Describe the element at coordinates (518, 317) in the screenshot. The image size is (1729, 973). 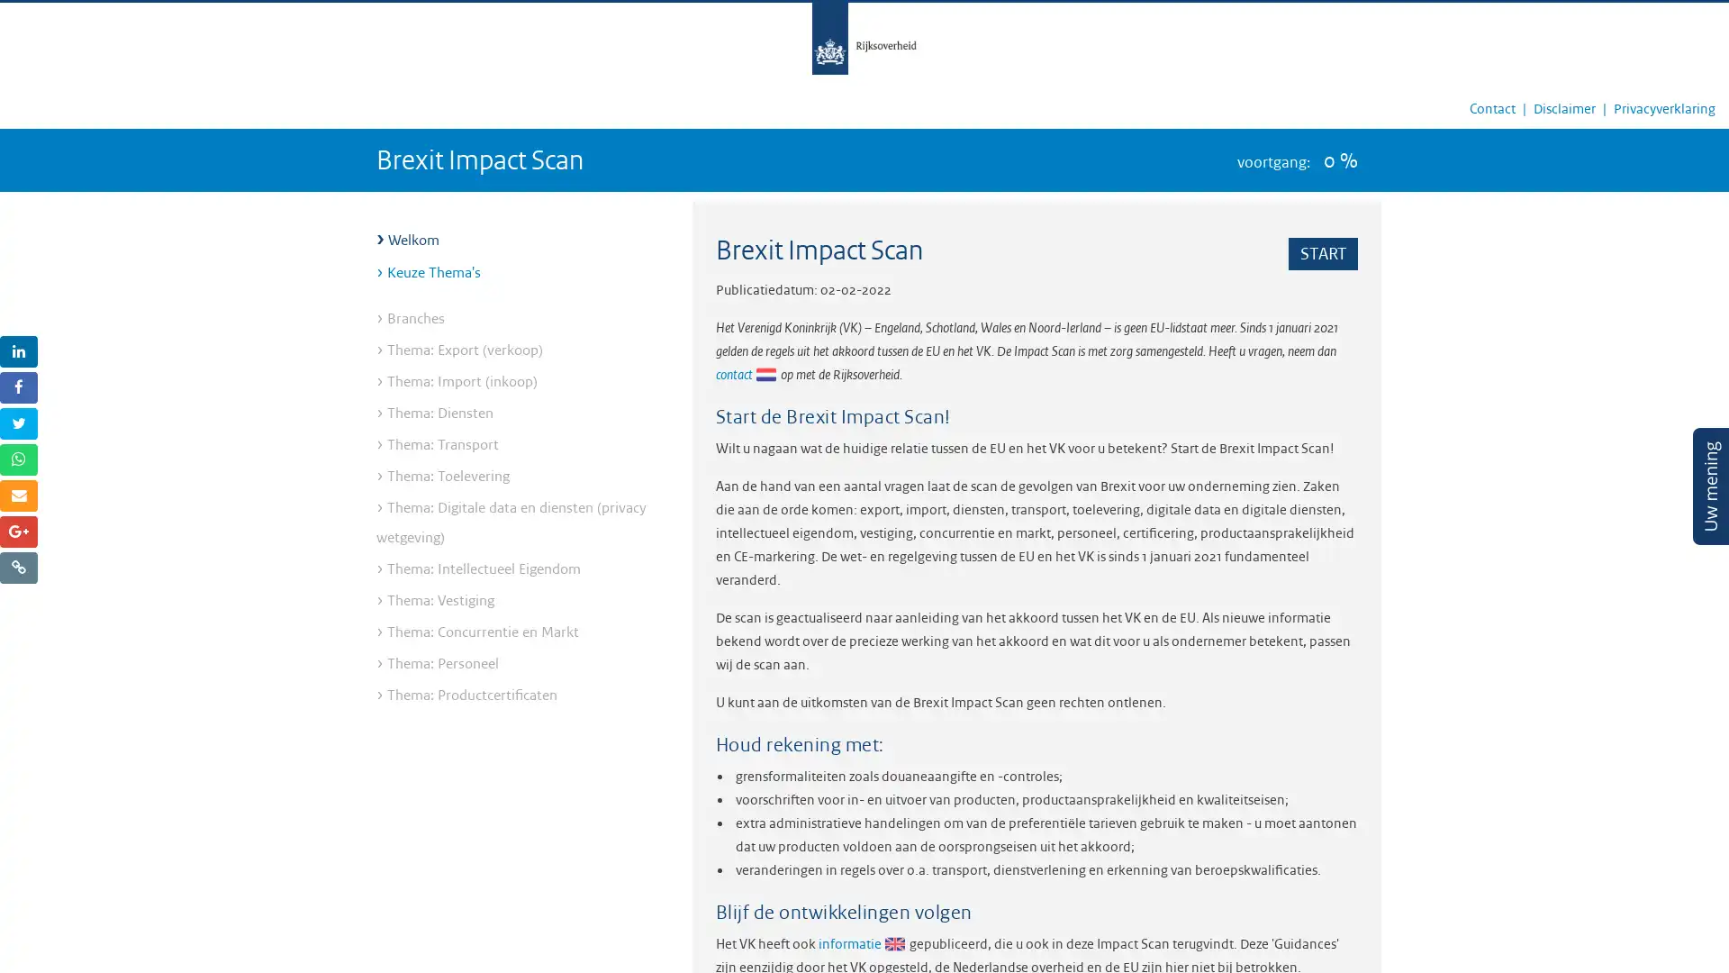
I see `Branches` at that location.